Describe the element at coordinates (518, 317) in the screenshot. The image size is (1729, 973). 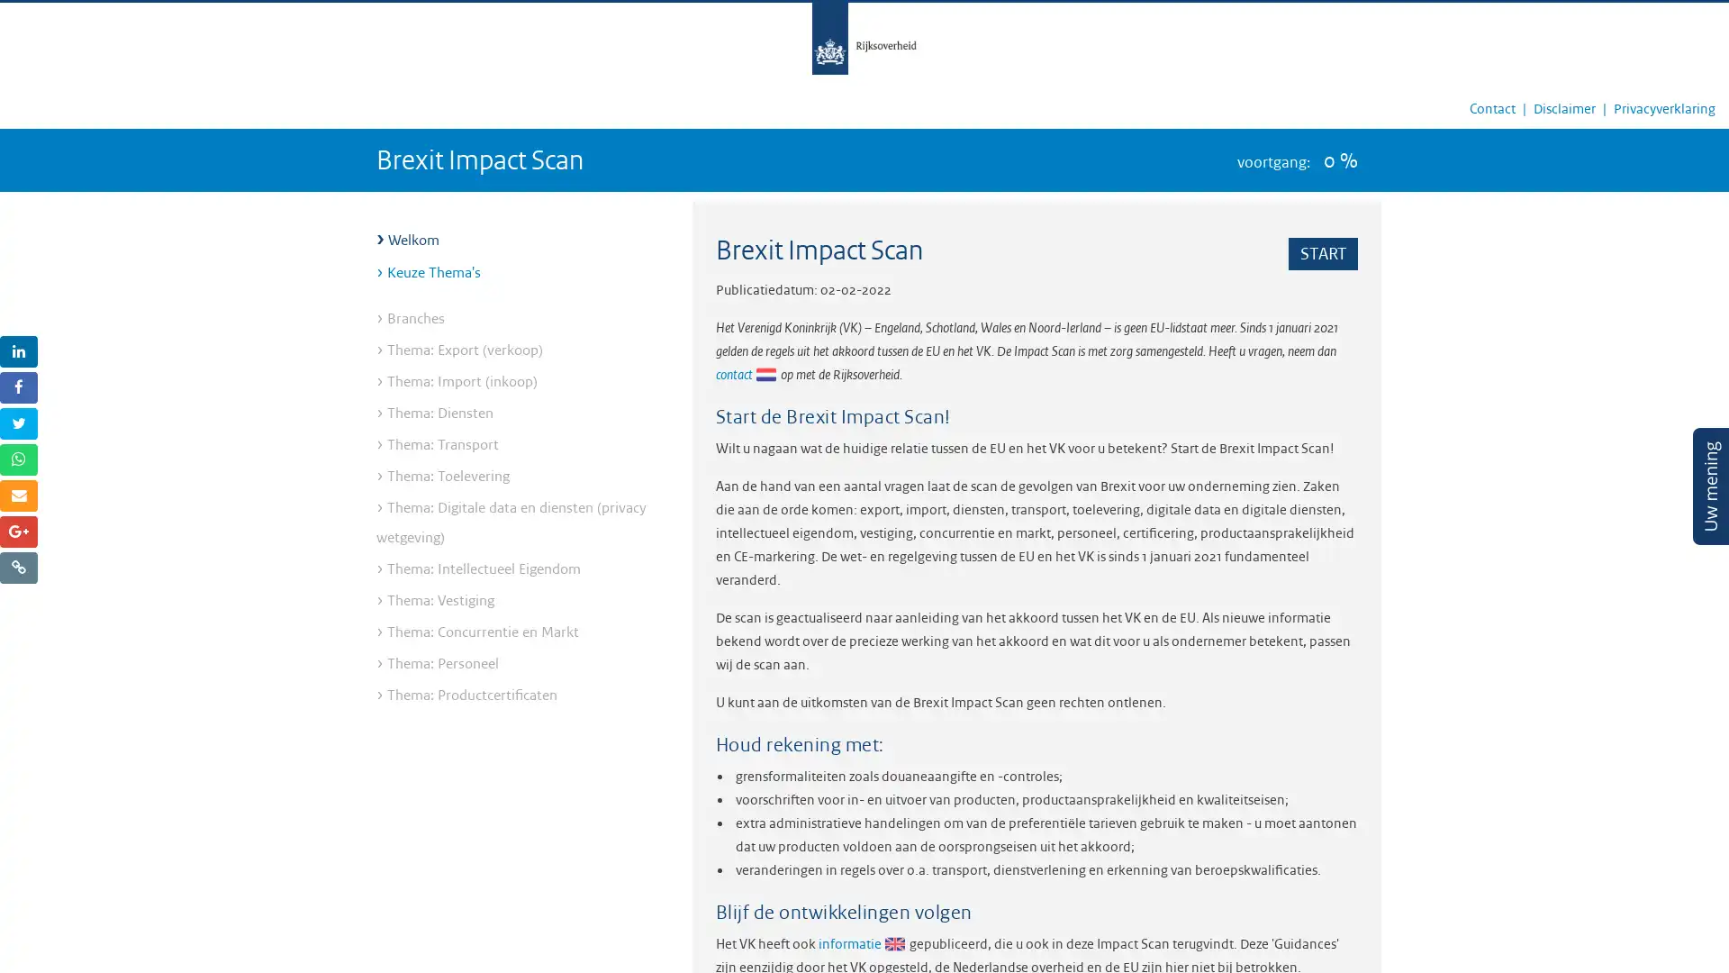
I see `Branches` at that location.